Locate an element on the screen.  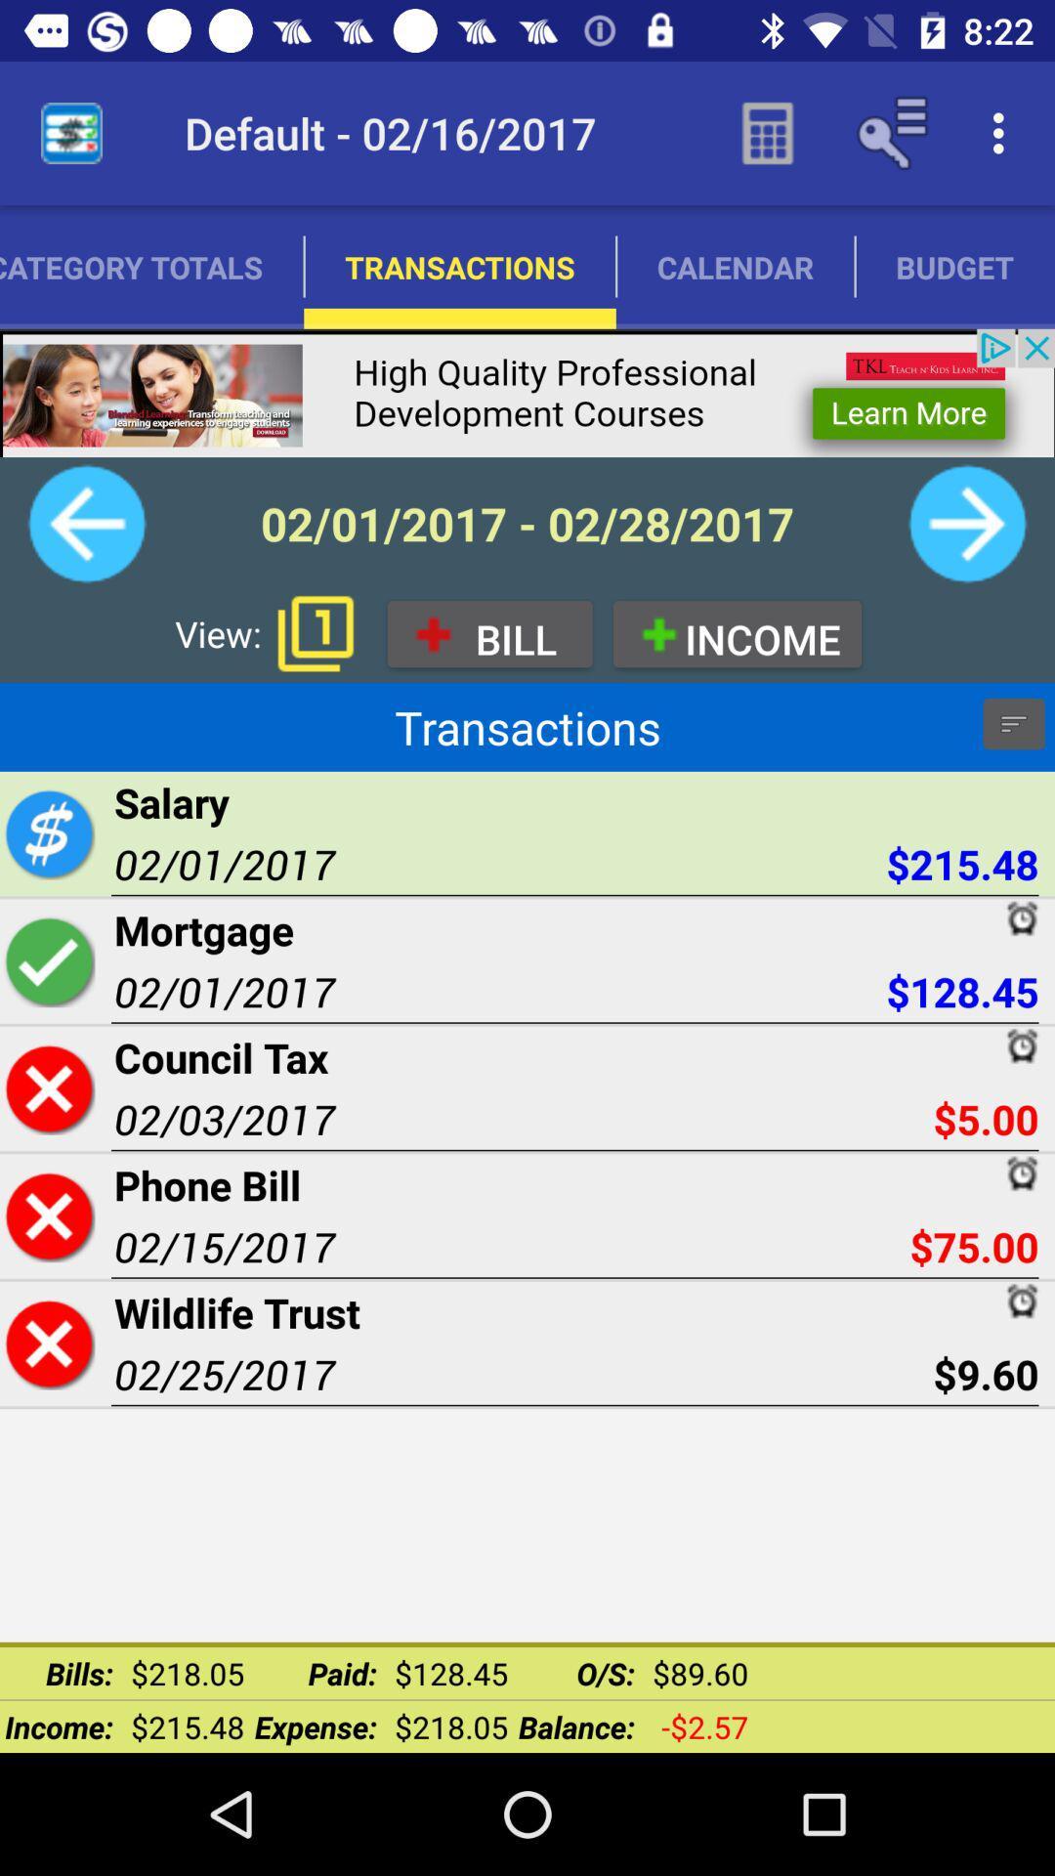
delete item is located at coordinates (48, 1343).